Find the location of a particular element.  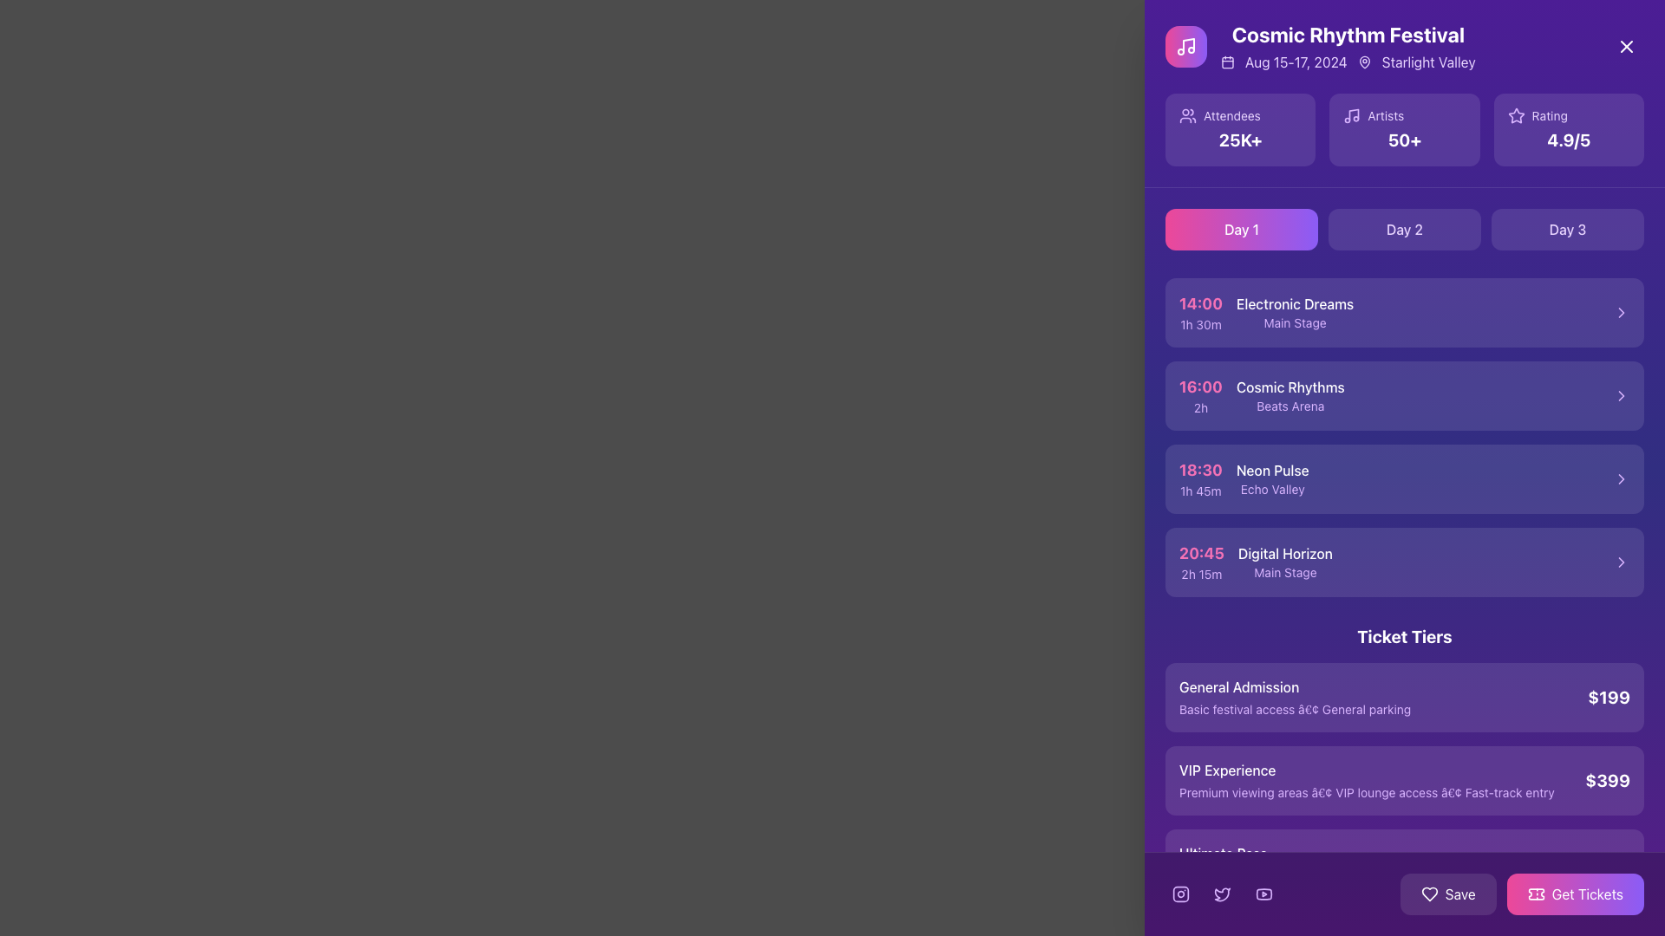

the Information display card that shows the number of artists participating in the event, which is located between the '25K+ Attendees' card and the '4.9/5 Rating' card is located at coordinates (1405, 129).